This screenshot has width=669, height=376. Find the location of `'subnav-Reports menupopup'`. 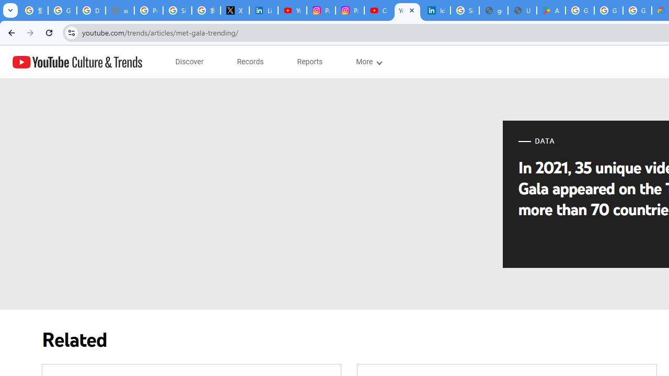

'subnav-Reports menupopup' is located at coordinates (309, 62).